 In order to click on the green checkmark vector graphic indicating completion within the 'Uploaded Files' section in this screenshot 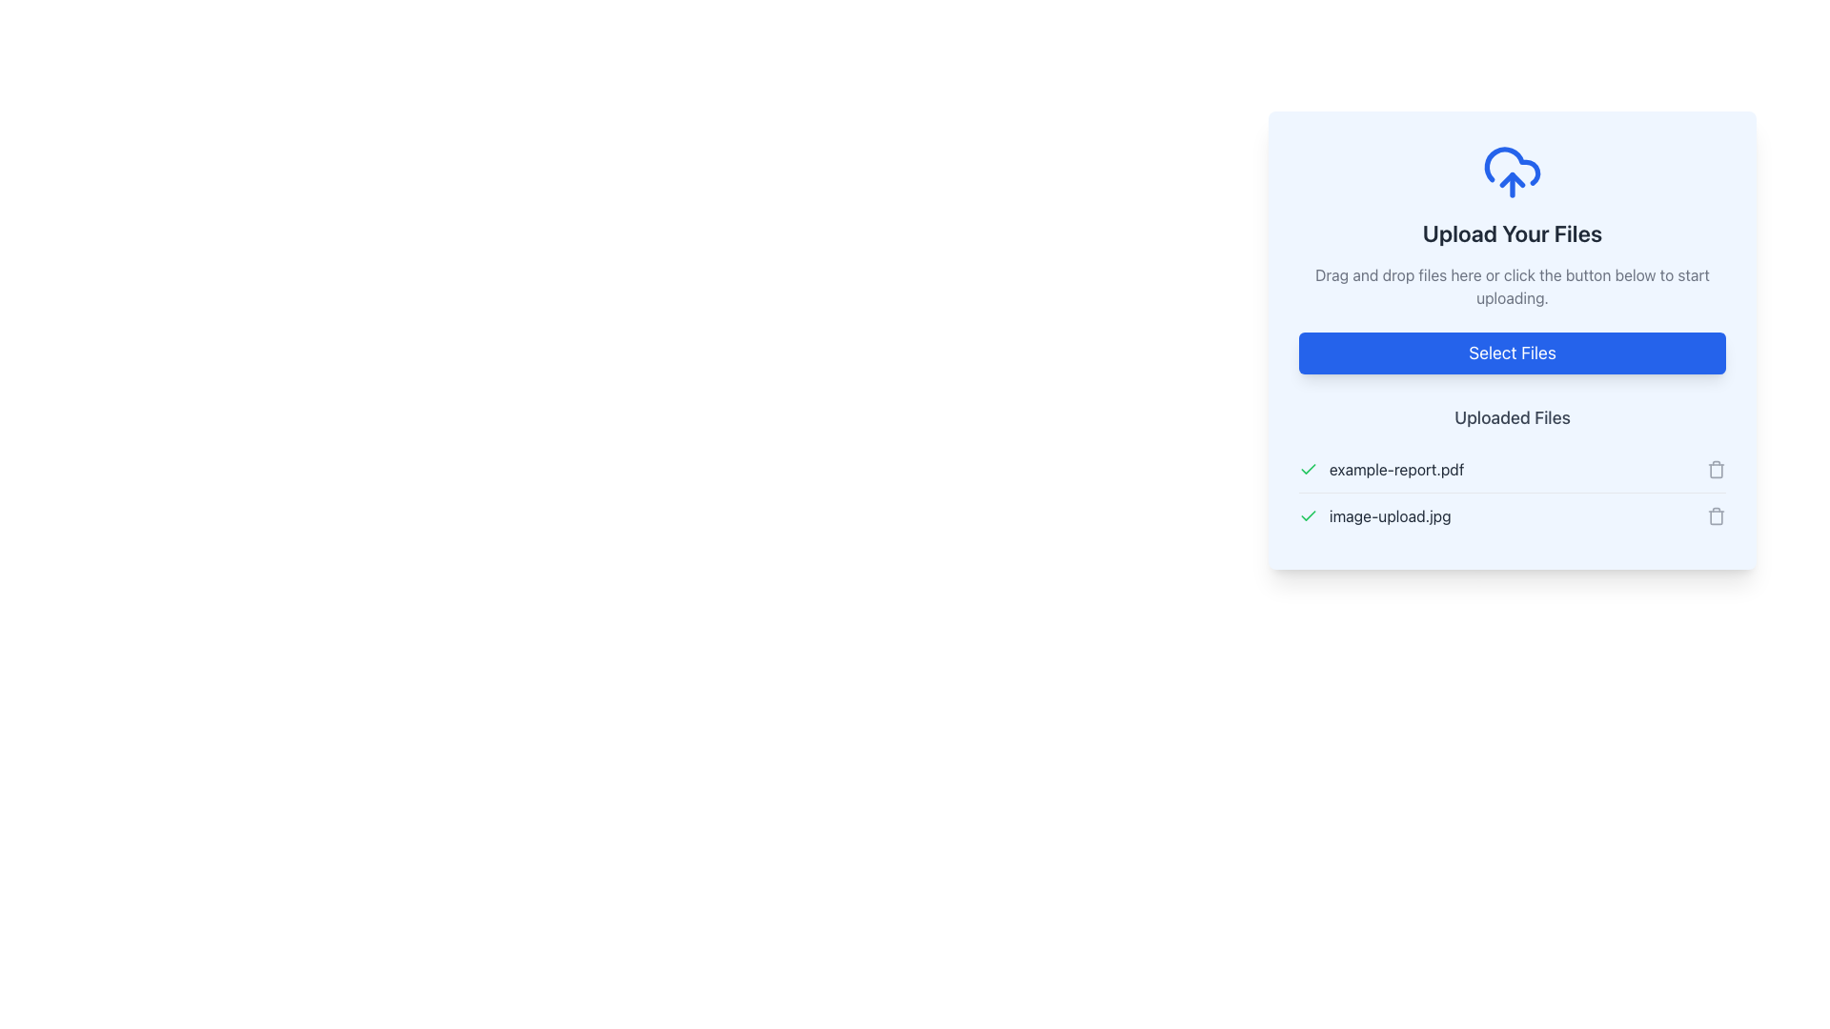, I will do `click(1307, 514)`.